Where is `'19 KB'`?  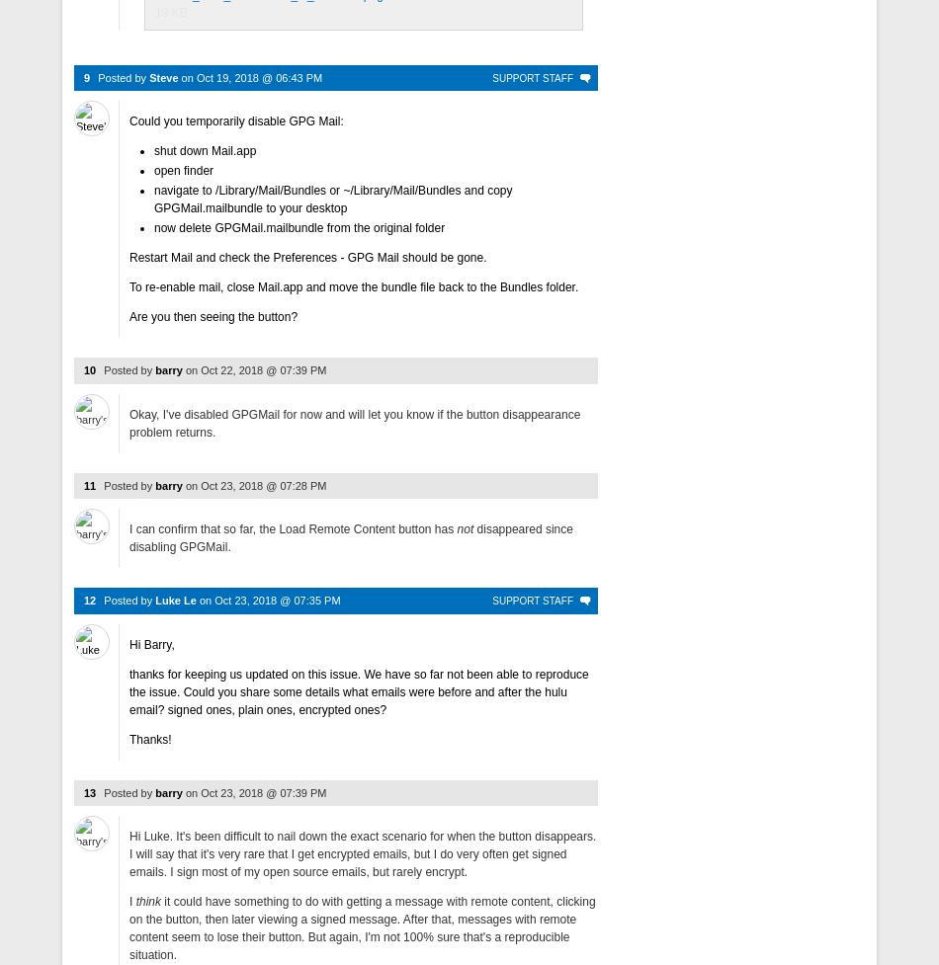
'19 KB' is located at coordinates (170, 12).